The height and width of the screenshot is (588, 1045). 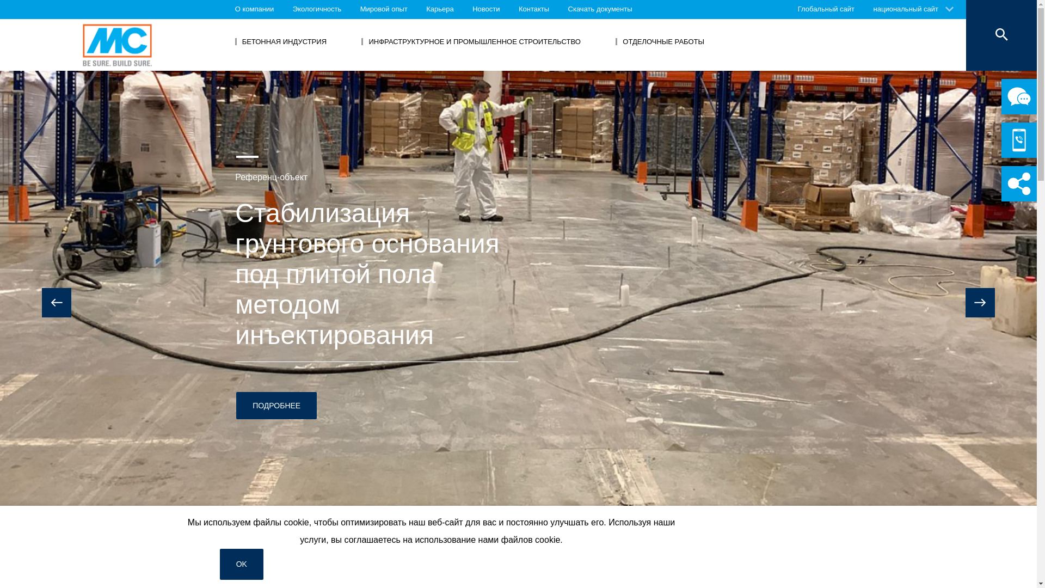 I want to click on 'OK', so click(x=241, y=563).